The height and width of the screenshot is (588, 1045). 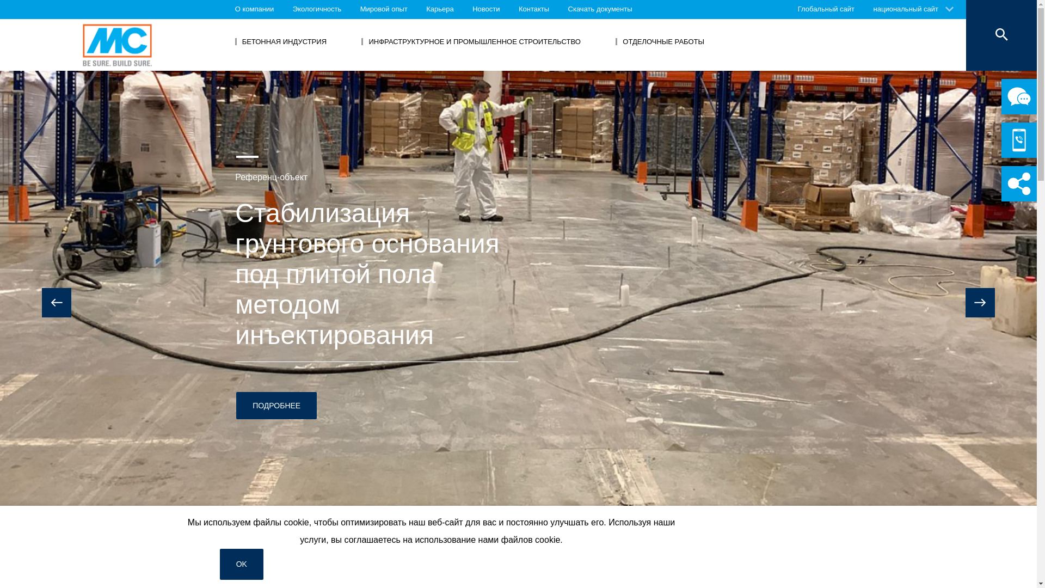 I want to click on 'OK', so click(x=241, y=563).